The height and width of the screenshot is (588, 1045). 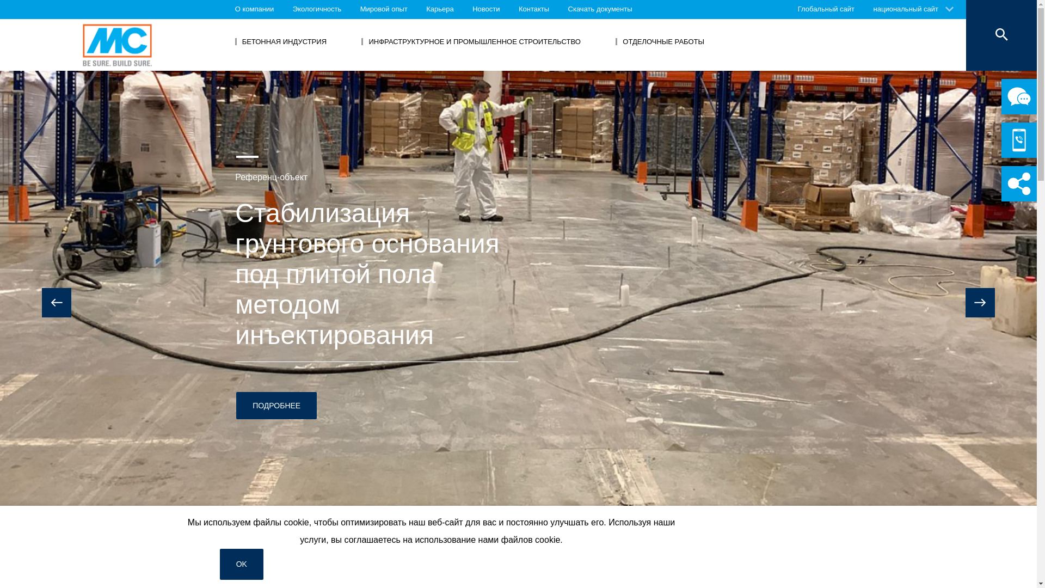 I want to click on 'OK', so click(x=241, y=563).